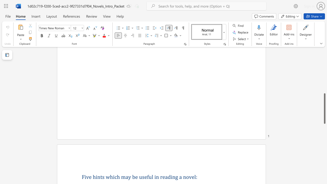 The width and height of the screenshot is (327, 184). What do you see at coordinates (324, 61) in the screenshot?
I see `the scrollbar on the side` at bounding box center [324, 61].